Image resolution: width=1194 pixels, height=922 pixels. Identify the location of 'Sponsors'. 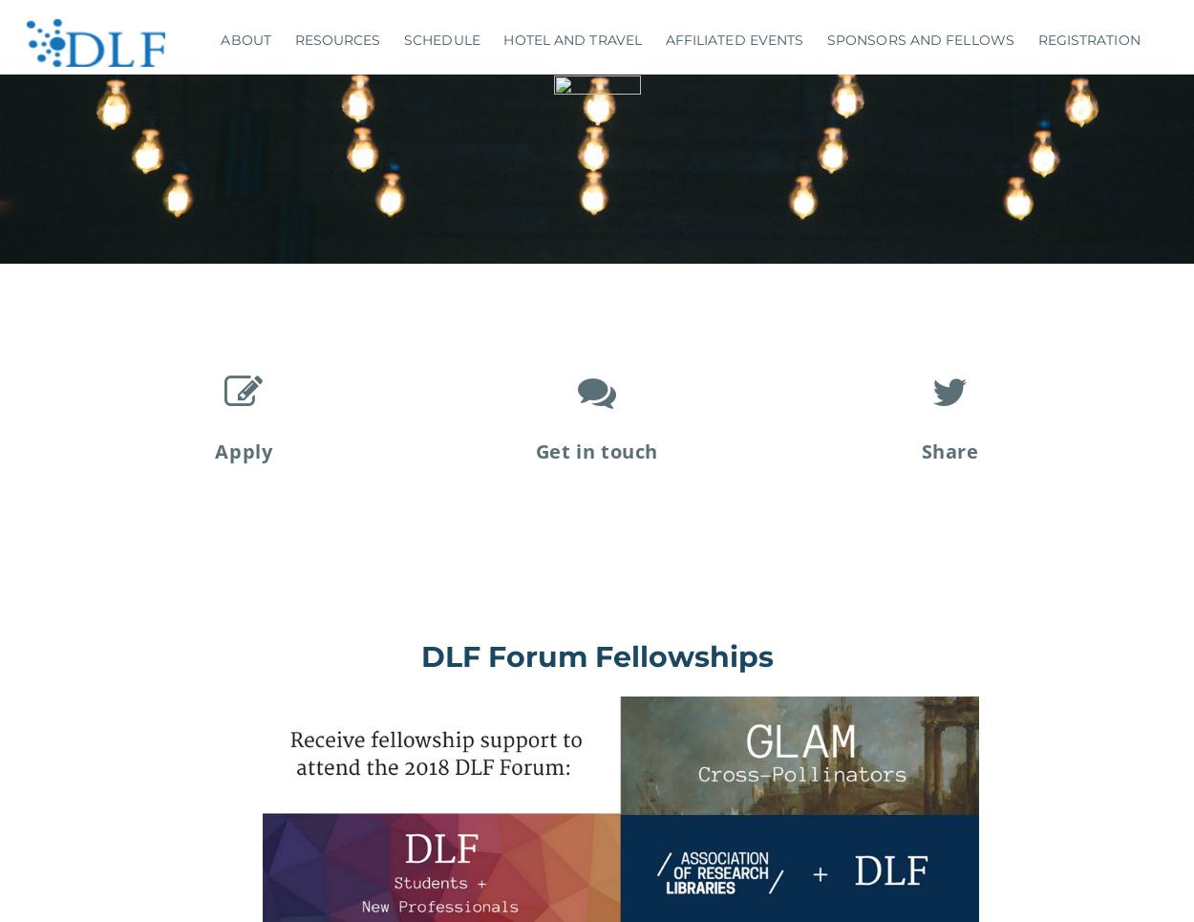
(903, 85).